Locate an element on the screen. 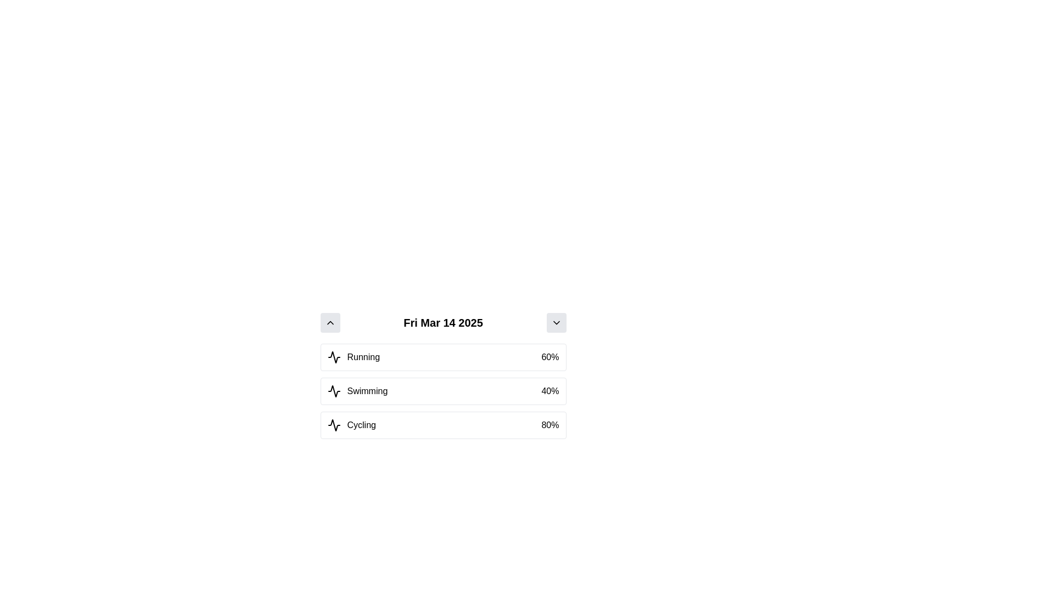 The image size is (1054, 592). the text display showing '40%' in bold, positioned to the right of 'Swimming' in the second row of the activity list is located at coordinates (550, 390).